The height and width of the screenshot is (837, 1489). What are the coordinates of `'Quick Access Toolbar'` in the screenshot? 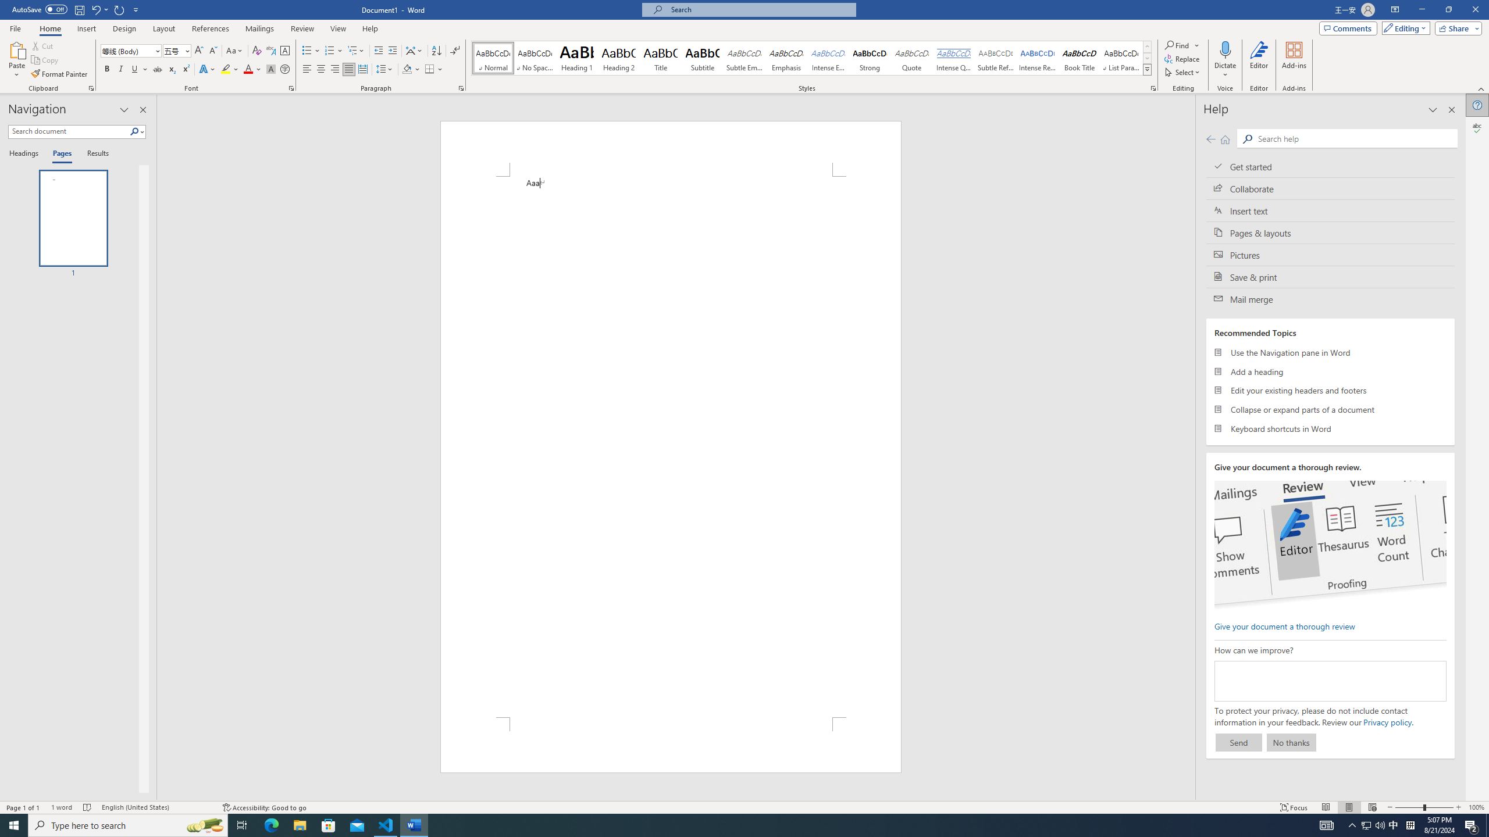 It's located at (76, 9).